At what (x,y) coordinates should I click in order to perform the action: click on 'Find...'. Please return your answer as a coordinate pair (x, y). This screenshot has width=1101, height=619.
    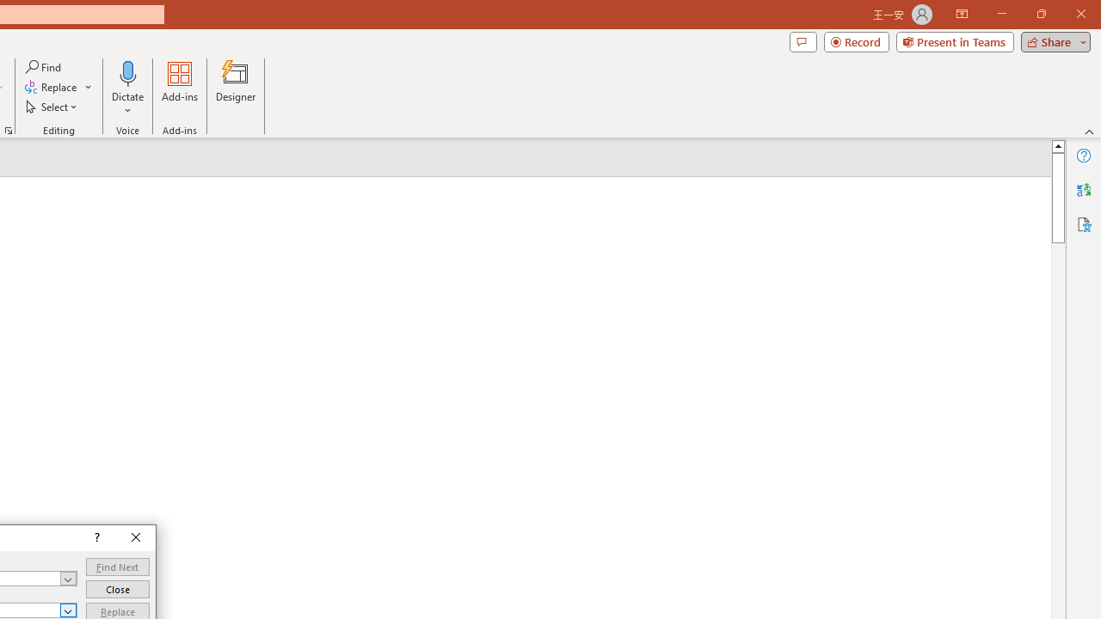
    Looking at the image, I should click on (44, 66).